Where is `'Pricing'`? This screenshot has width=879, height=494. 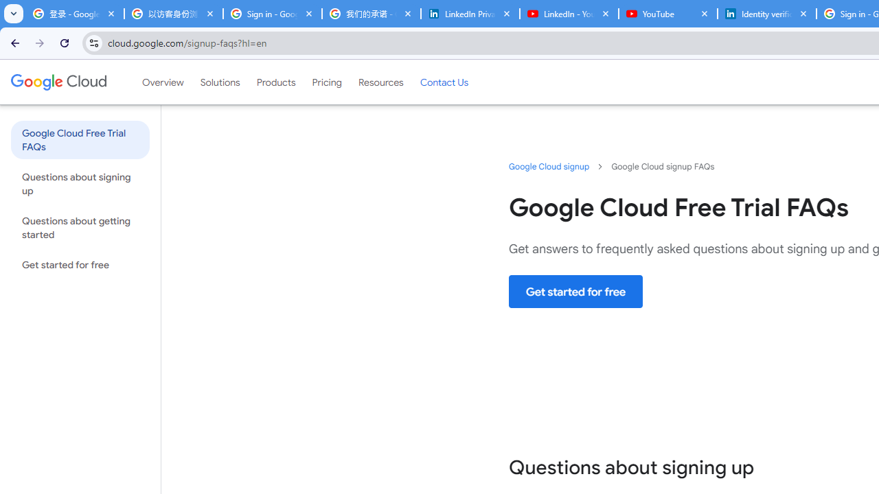
'Pricing' is located at coordinates (326, 82).